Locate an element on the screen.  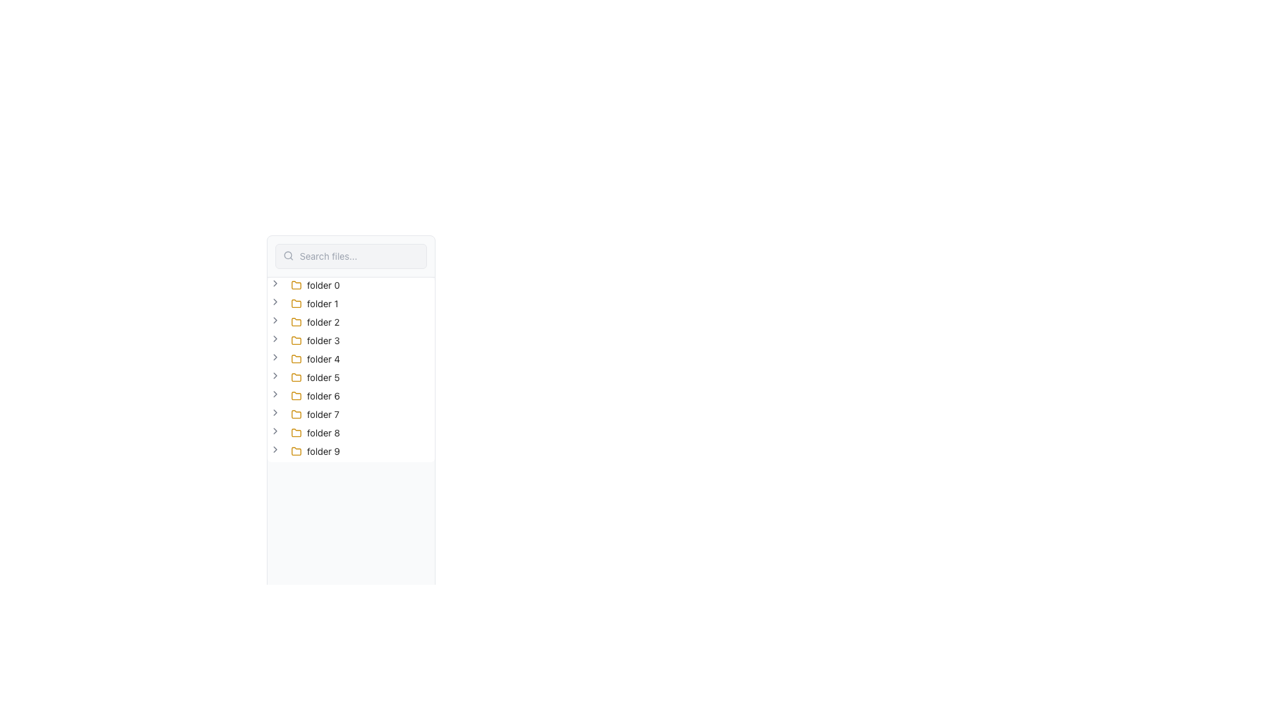
the 'folder 1' tree view item is located at coordinates (314, 304).